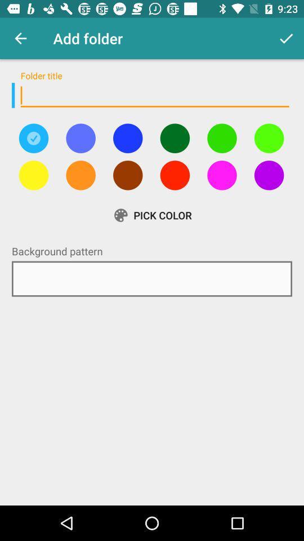  What do you see at coordinates (80, 138) in the screenshot?
I see `go back` at bounding box center [80, 138].